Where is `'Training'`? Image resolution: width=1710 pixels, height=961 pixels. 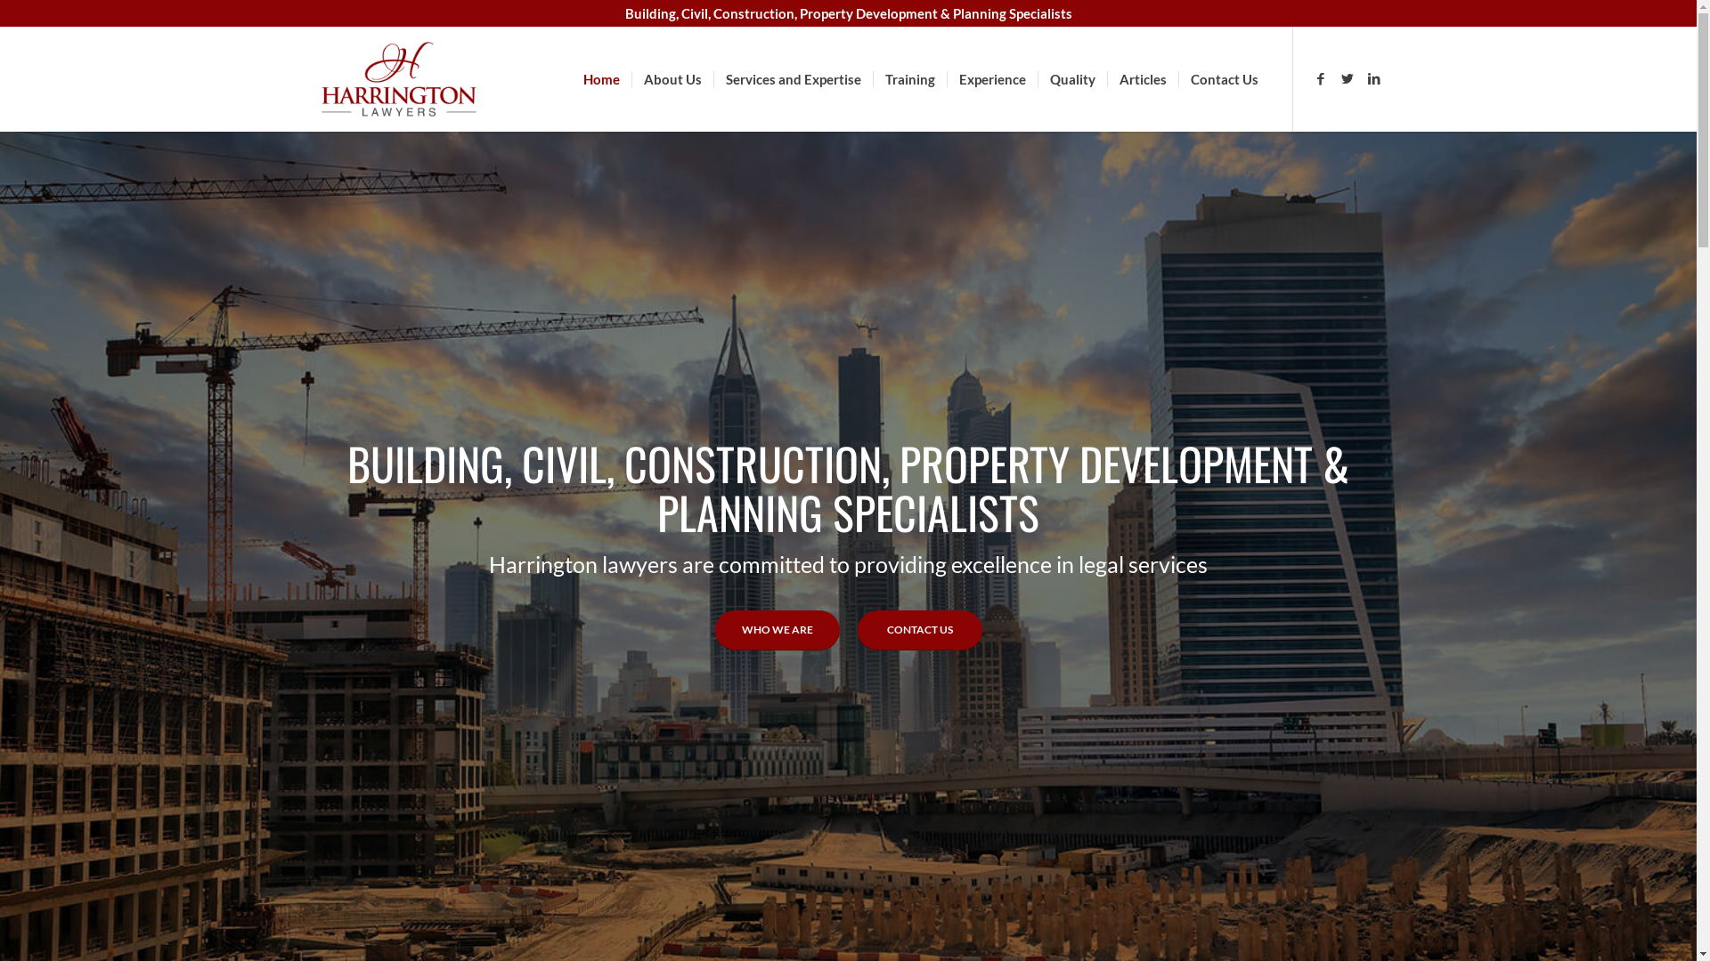
'Training' is located at coordinates (872, 77).